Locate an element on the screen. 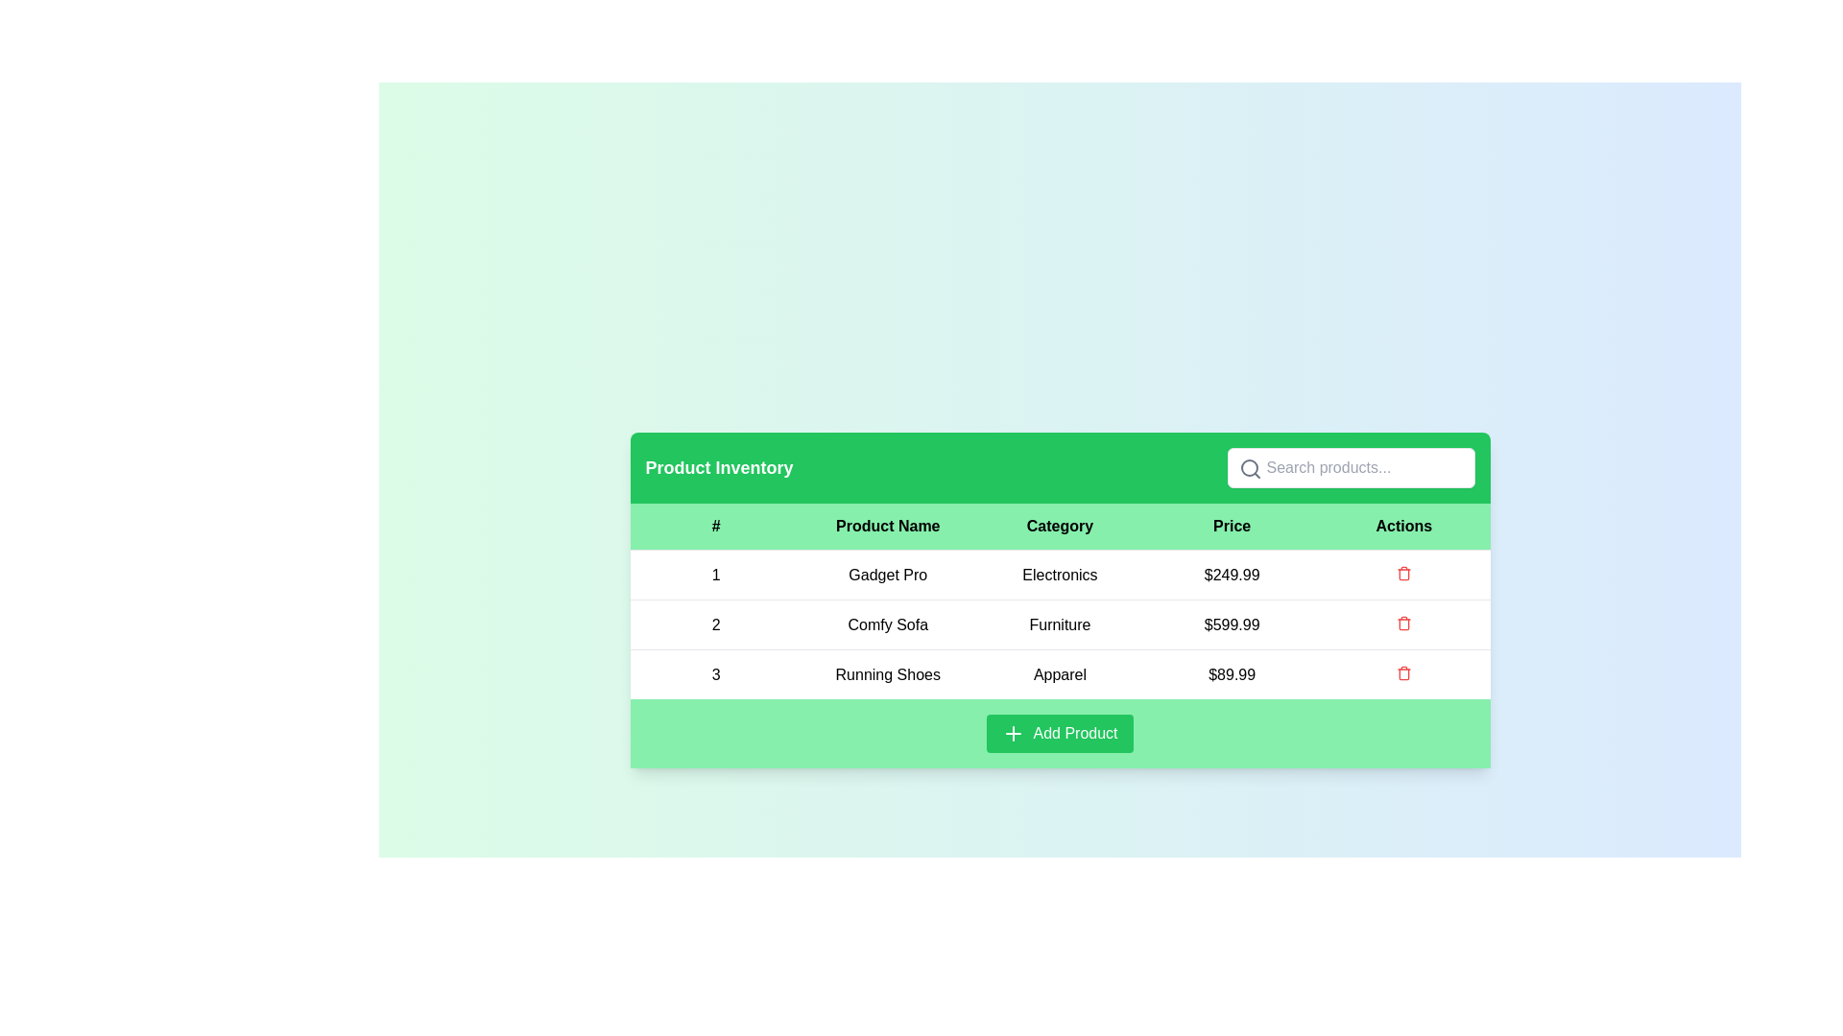 Image resolution: width=1843 pixels, height=1036 pixels. the static text display field showing the price '$599.99' in the 'Price' column of the second row in the table is located at coordinates (1232, 624).